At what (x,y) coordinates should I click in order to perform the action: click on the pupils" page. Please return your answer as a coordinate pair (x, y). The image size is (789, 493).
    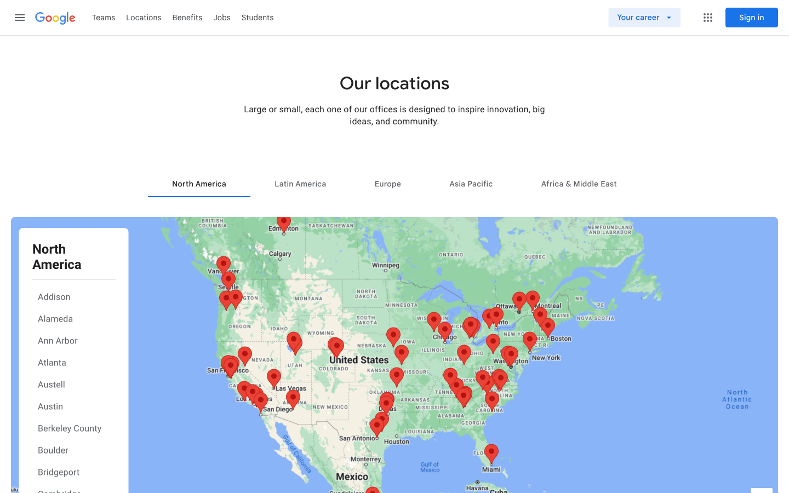
    Looking at the image, I should click on (258, 16).